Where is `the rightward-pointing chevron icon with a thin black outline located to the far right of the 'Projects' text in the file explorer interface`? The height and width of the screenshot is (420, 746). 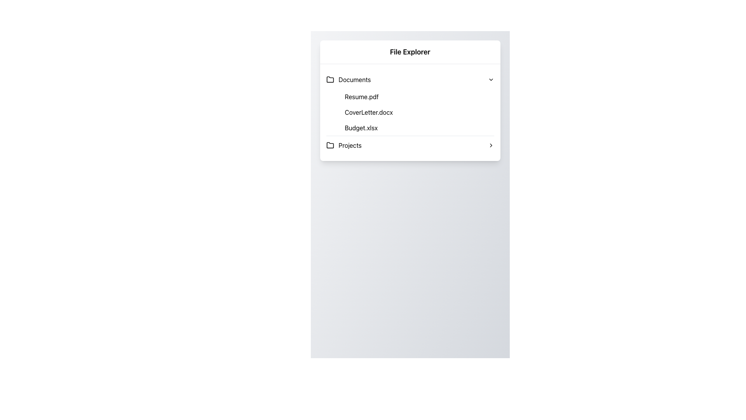
the rightward-pointing chevron icon with a thin black outline located to the far right of the 'Projects' text in the file explorer interface is located at coordinates (490, 145).